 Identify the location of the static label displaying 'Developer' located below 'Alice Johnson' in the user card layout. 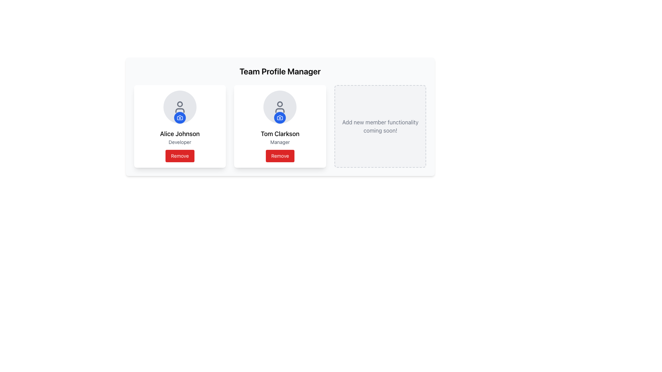
(180, 142).